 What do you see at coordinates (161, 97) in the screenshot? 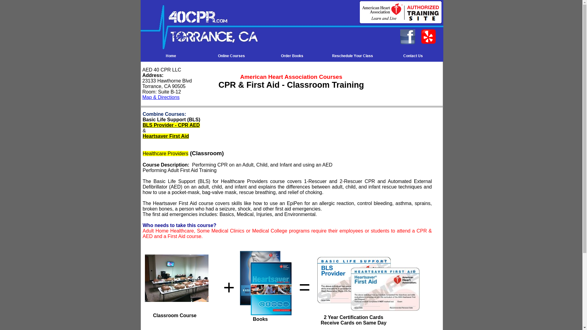
I see `'Map & Directions'` at bounding box center [161, 97].